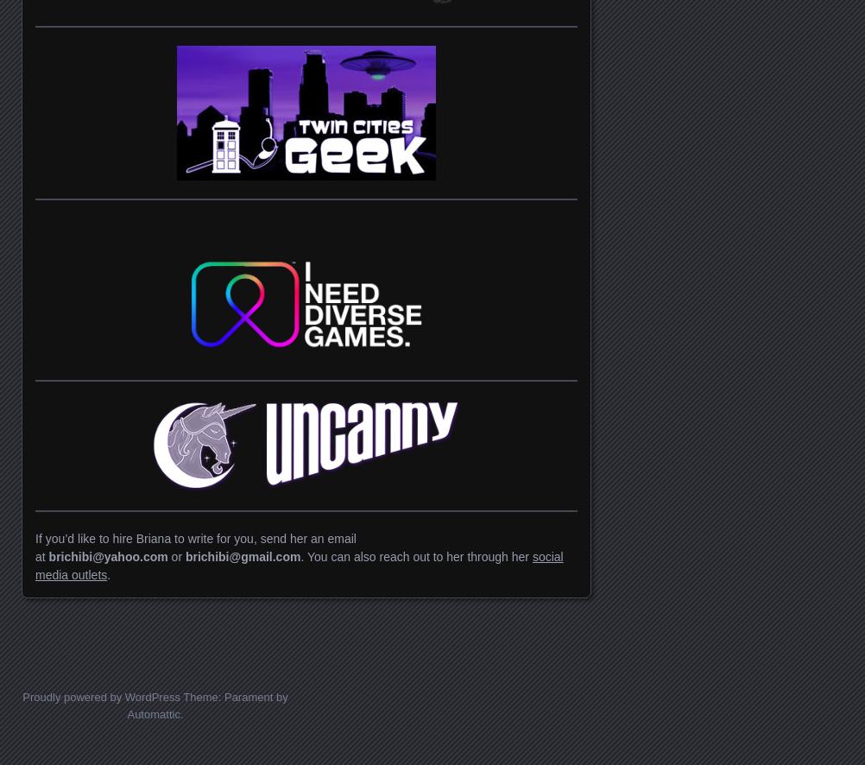  Describe the element at coordinates (414, 556) in the screenshot. I see `'. You can also reach out to her through her'` at that location.